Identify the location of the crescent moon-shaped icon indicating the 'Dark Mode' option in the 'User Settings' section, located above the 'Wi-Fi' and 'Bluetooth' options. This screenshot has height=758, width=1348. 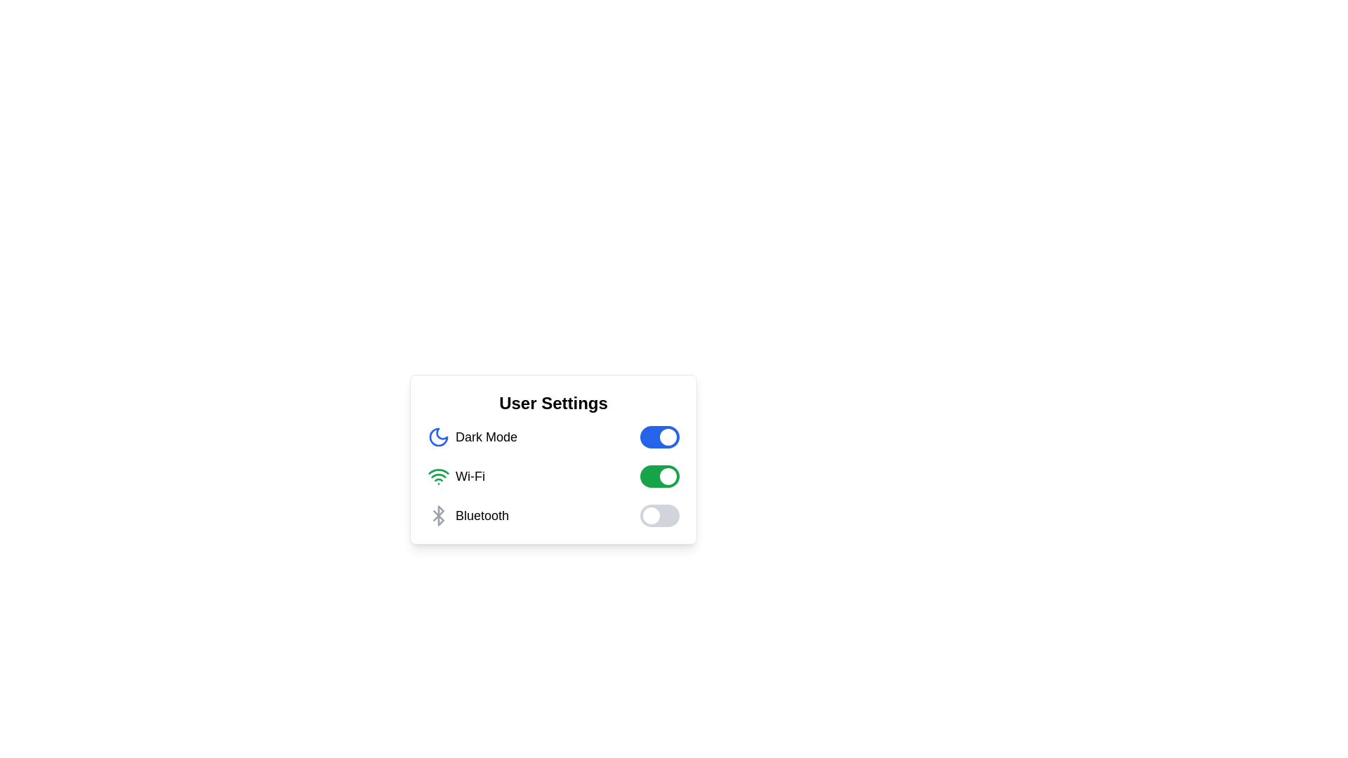
(437, 437).